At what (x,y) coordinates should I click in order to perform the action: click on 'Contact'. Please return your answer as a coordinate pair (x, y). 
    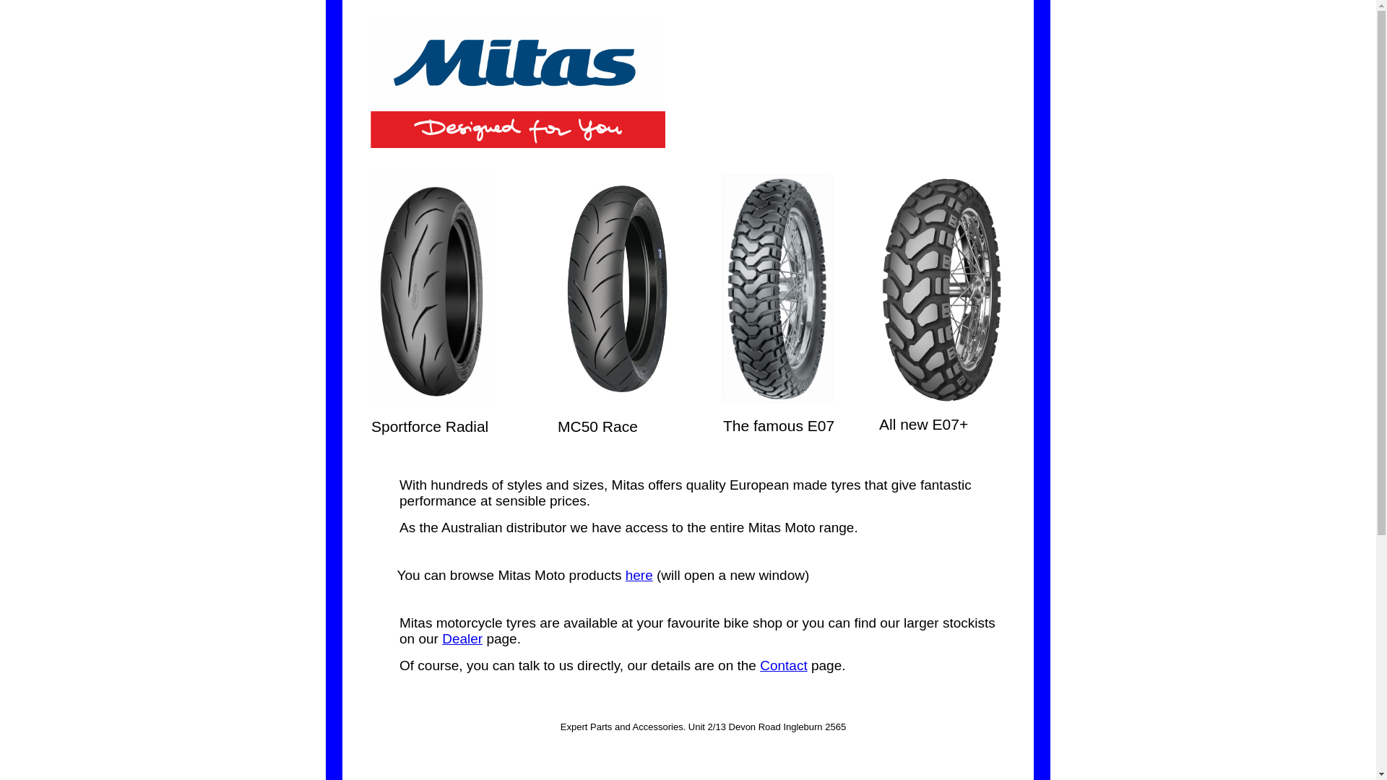
    Looking at the image, I should click on (782, 665).